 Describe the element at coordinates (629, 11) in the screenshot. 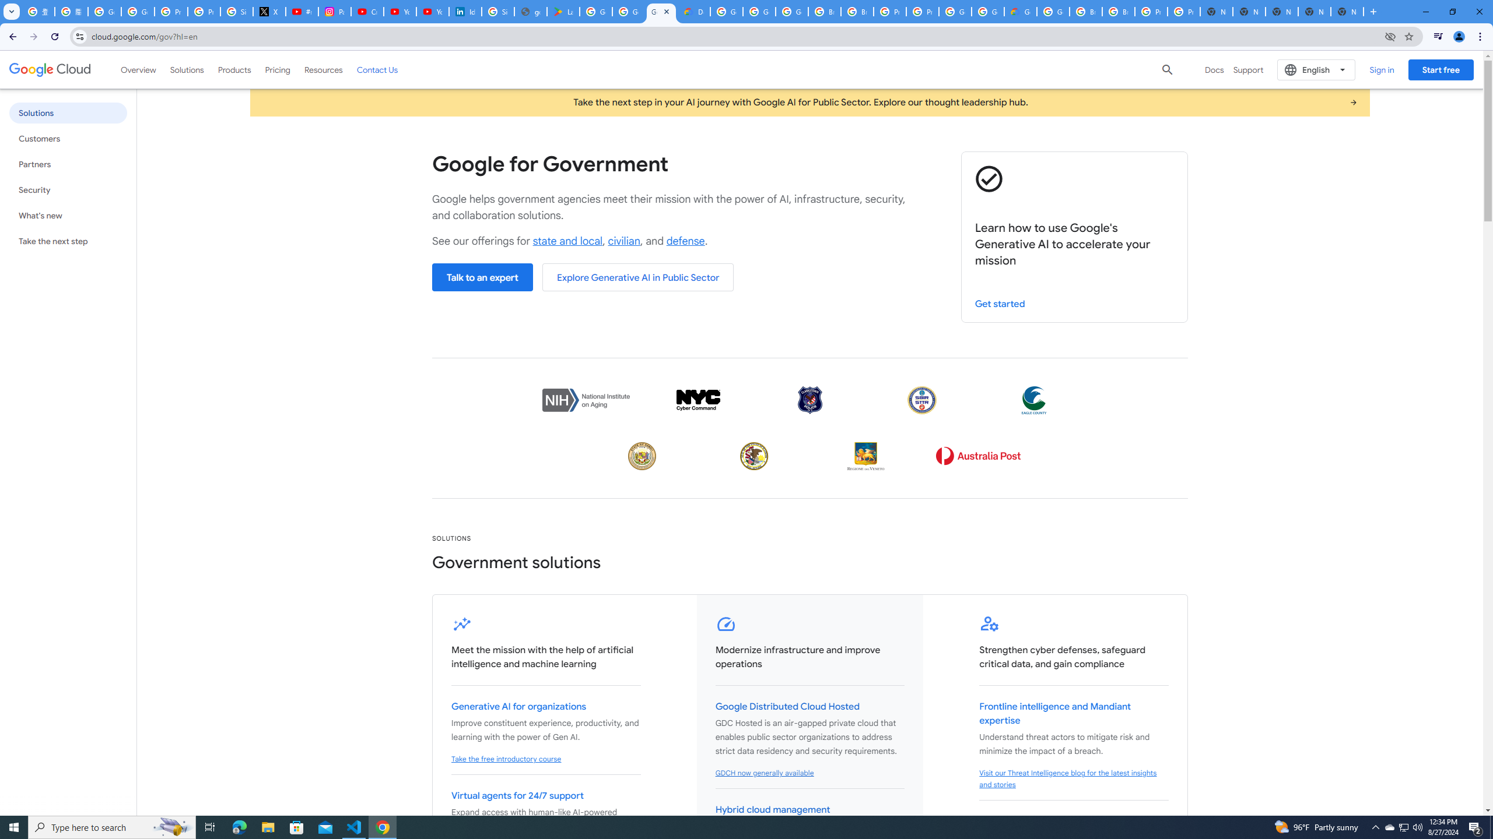

I see `'Google Workspace - Specific Terms'` at that location.